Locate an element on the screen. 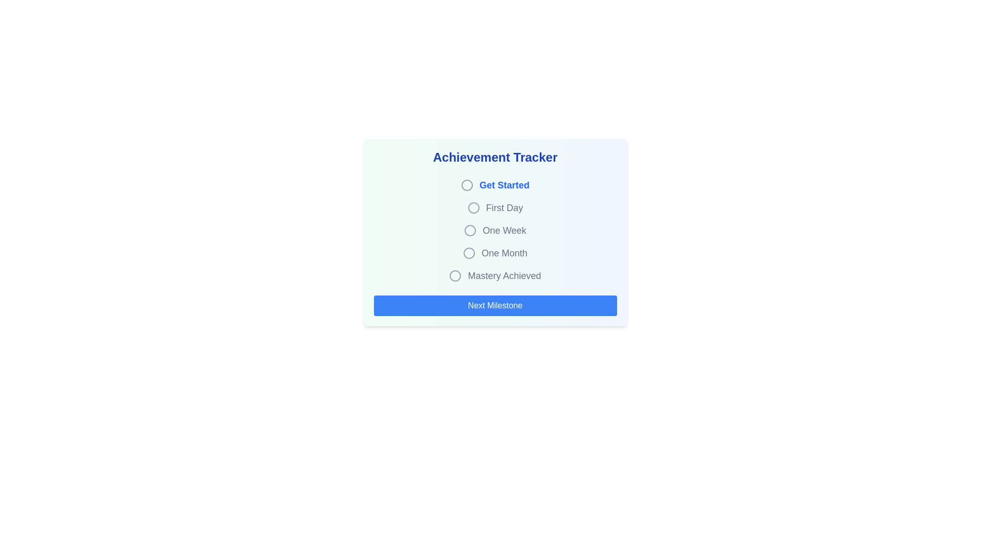 This screenshot has width=989, height=556. the 'Mastery Achieved' text label in the achievement tracker interface, which is styled in a large gray font and is positioned next to a circular icon is located at coordinates (504, 275).